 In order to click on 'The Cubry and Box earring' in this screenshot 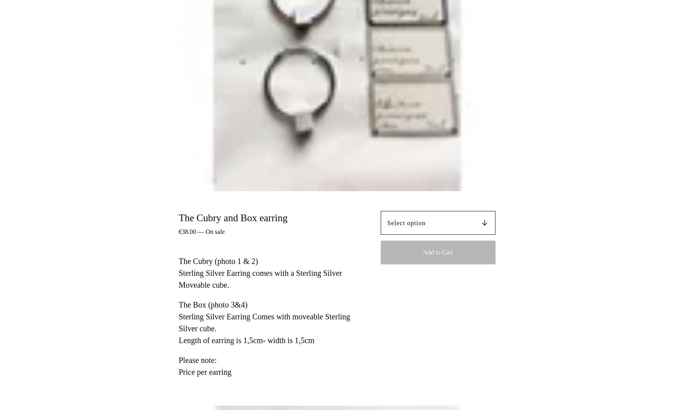, I will do `click(232, 217)`.